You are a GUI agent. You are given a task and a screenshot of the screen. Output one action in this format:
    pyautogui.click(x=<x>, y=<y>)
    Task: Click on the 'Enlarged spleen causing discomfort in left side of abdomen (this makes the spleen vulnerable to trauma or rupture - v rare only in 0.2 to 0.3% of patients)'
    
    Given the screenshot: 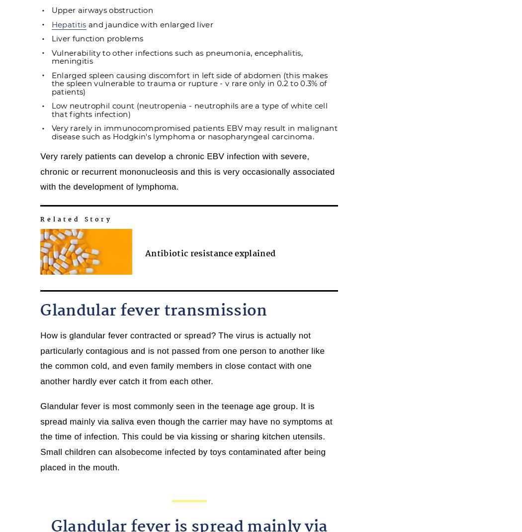 What is the action you would take?
    pyautogui.click(x=189, y=83)
    